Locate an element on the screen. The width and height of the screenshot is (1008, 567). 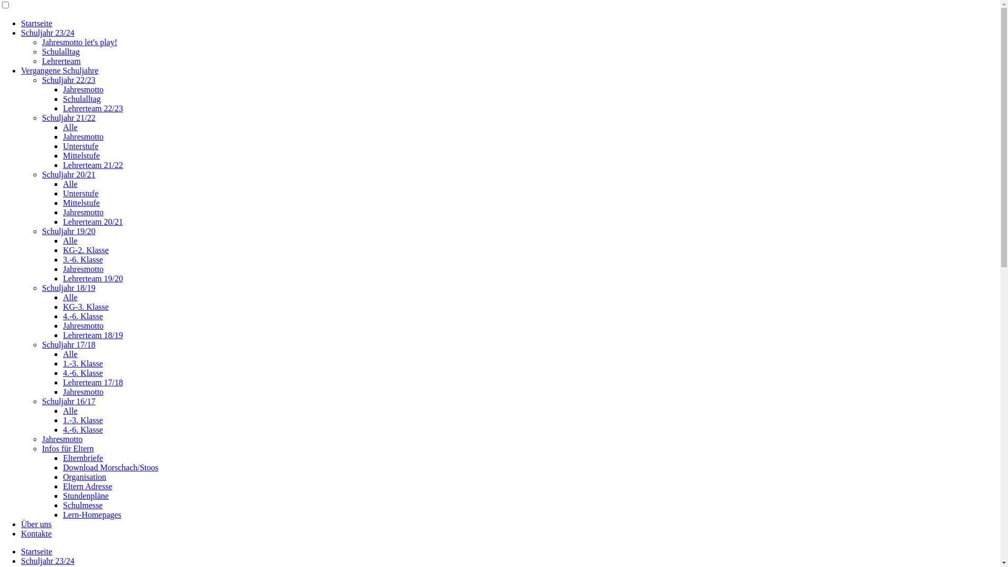
'Schulalltag' is located at coordinates (81, 99).